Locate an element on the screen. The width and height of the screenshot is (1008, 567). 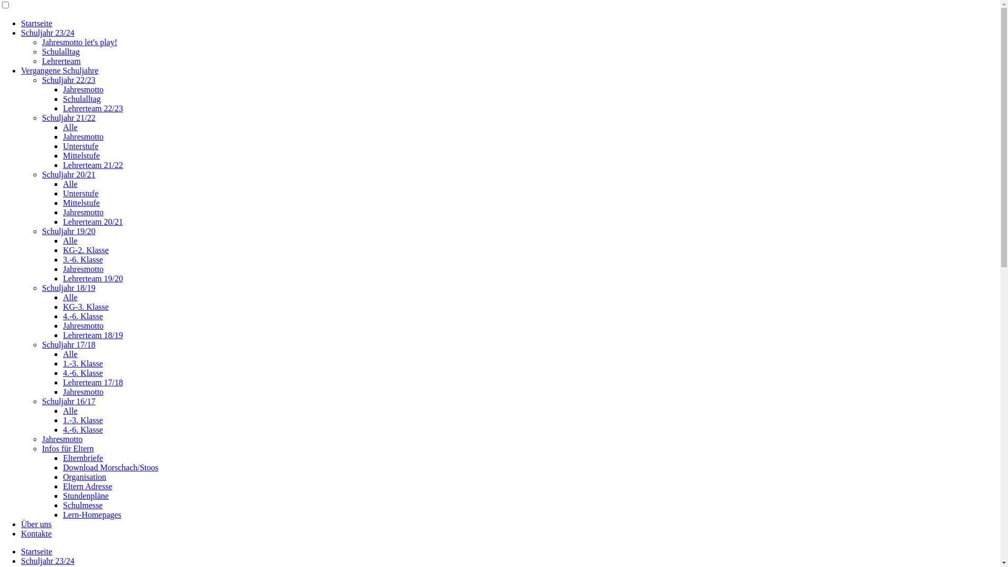
'Schulalltag' is located at coordinates (81, 99).